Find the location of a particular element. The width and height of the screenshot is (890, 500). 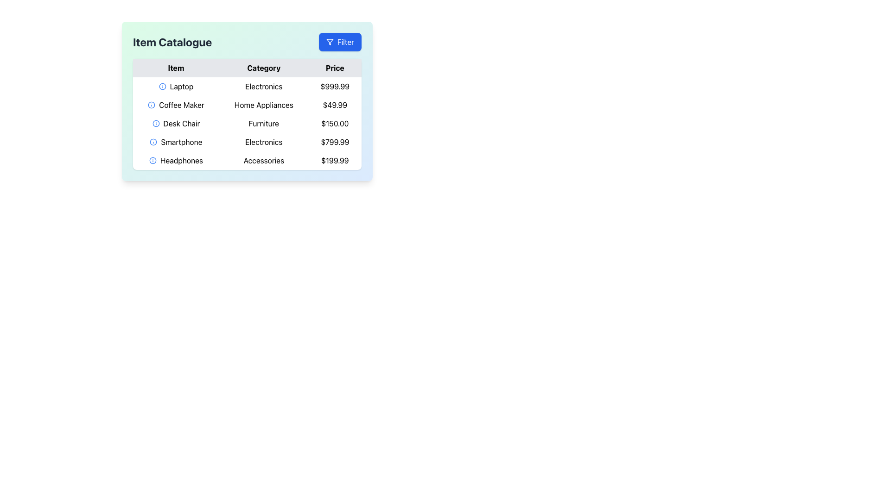

text from the 'Electronics' label located in the second column of the fourth row of the table, aligned with 'Smartphone' and '$799.99' is located at coordinates (263, 142).